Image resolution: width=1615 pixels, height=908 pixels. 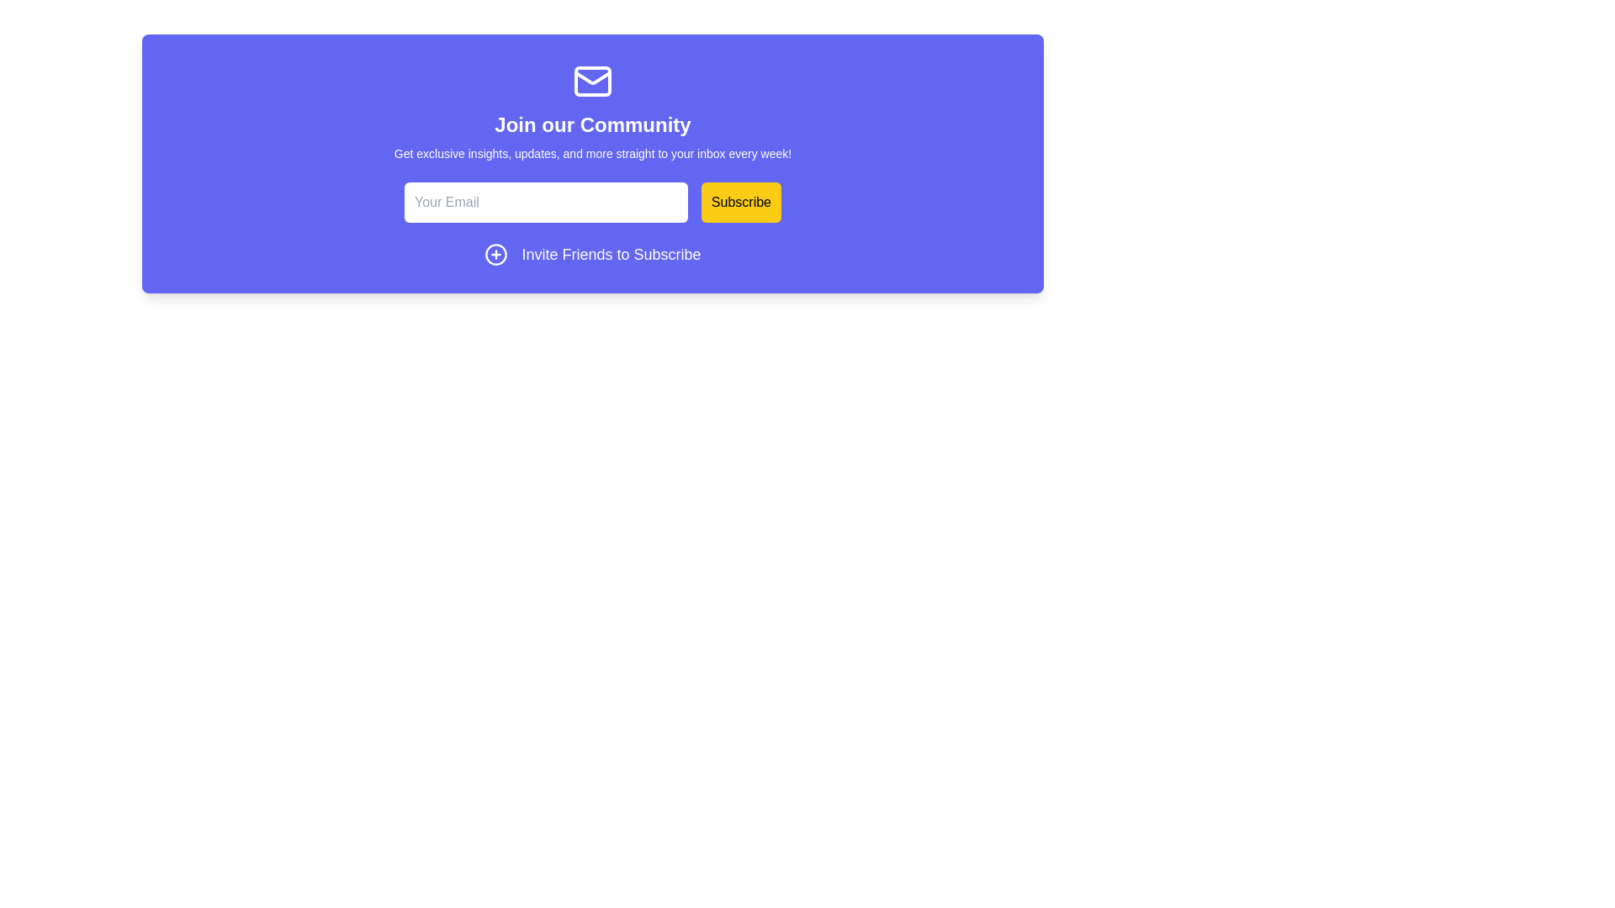 I want to click on the SVG circle element that represents the 'plus-in-circle' icon within the 'Invite Friends to Subscribe' action, so click(x=495, y=255).